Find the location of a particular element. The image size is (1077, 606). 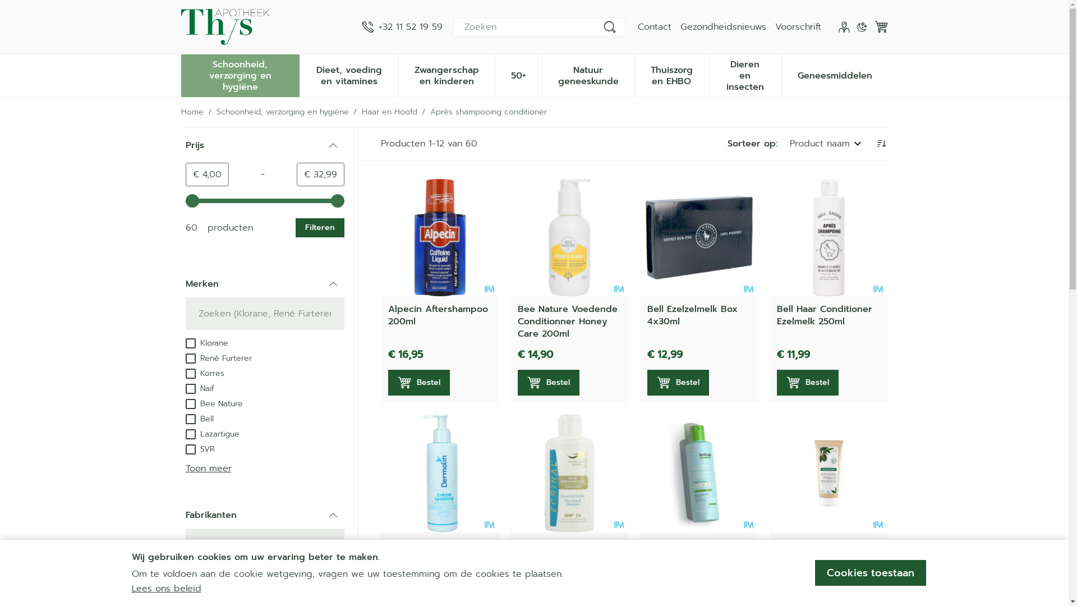

'Filteren' is located at coordinates (319, 227).